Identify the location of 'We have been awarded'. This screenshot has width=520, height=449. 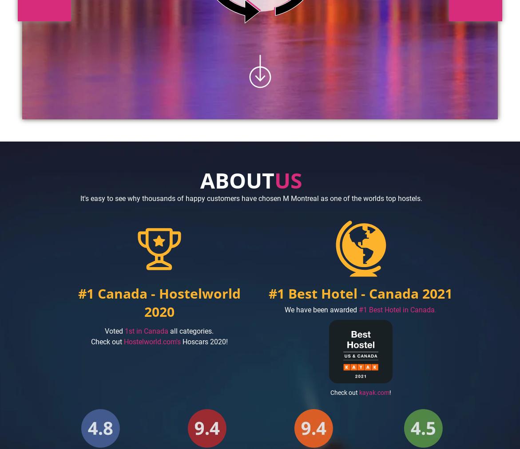
(321, 309).